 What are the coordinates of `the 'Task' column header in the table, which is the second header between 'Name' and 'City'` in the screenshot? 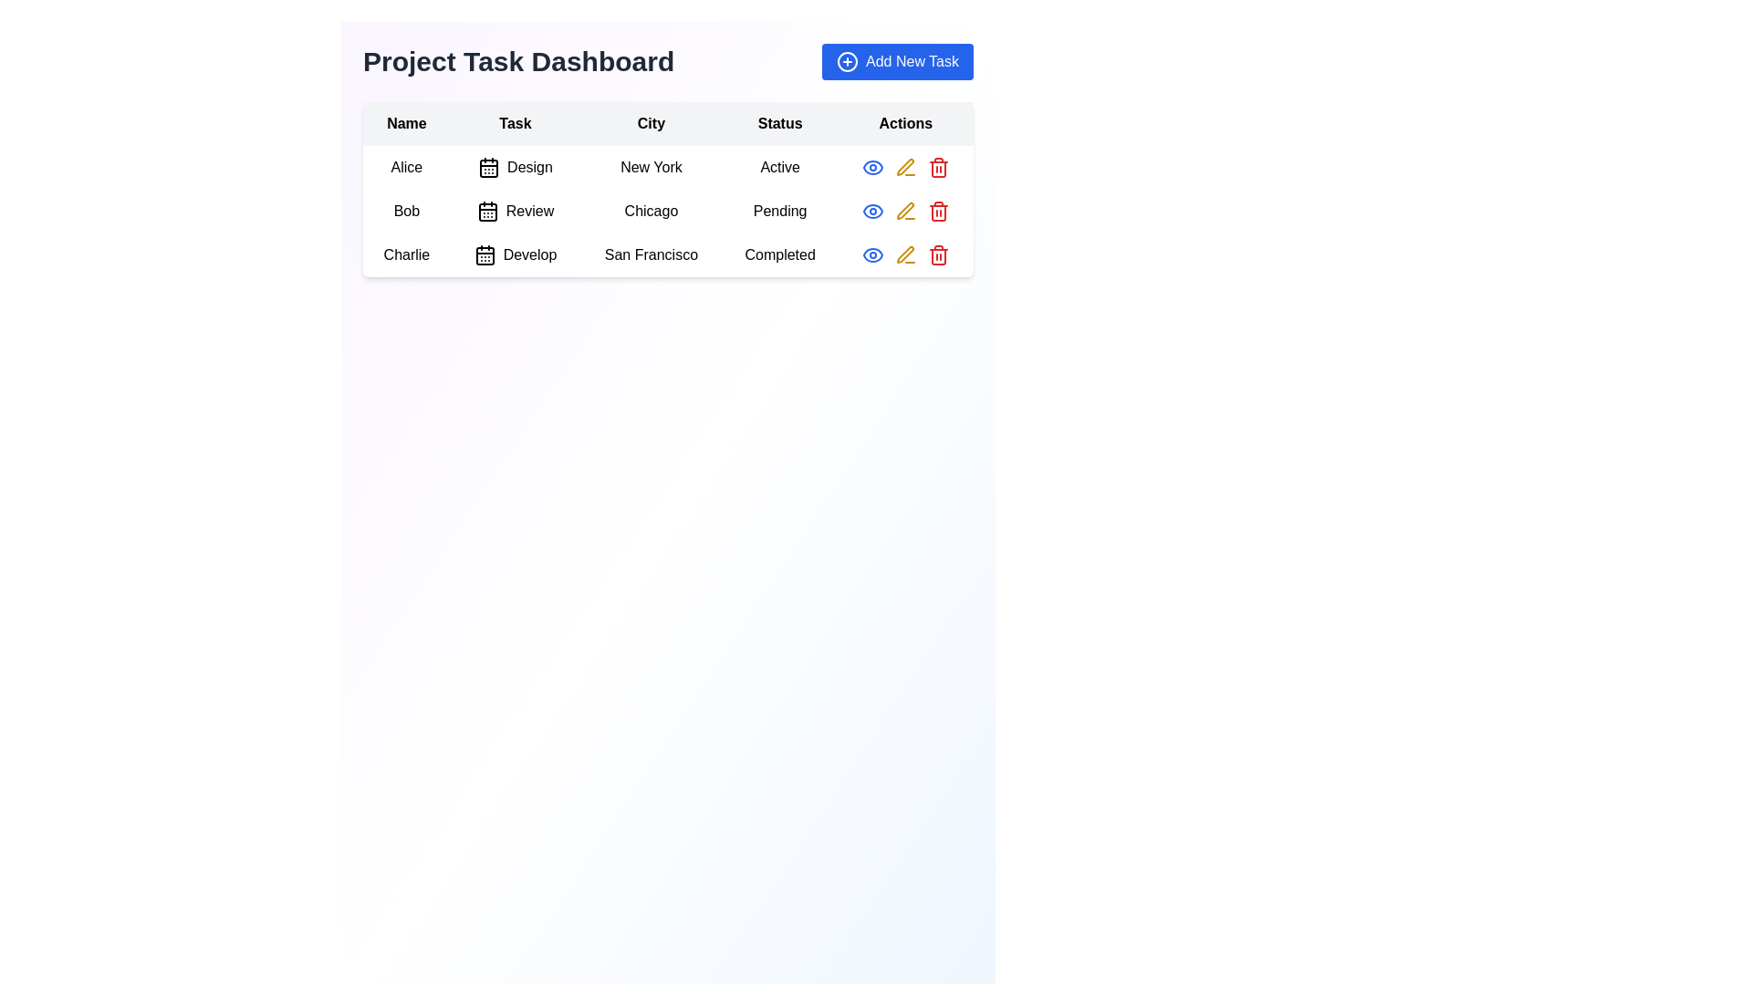 It's located at (515, 123).